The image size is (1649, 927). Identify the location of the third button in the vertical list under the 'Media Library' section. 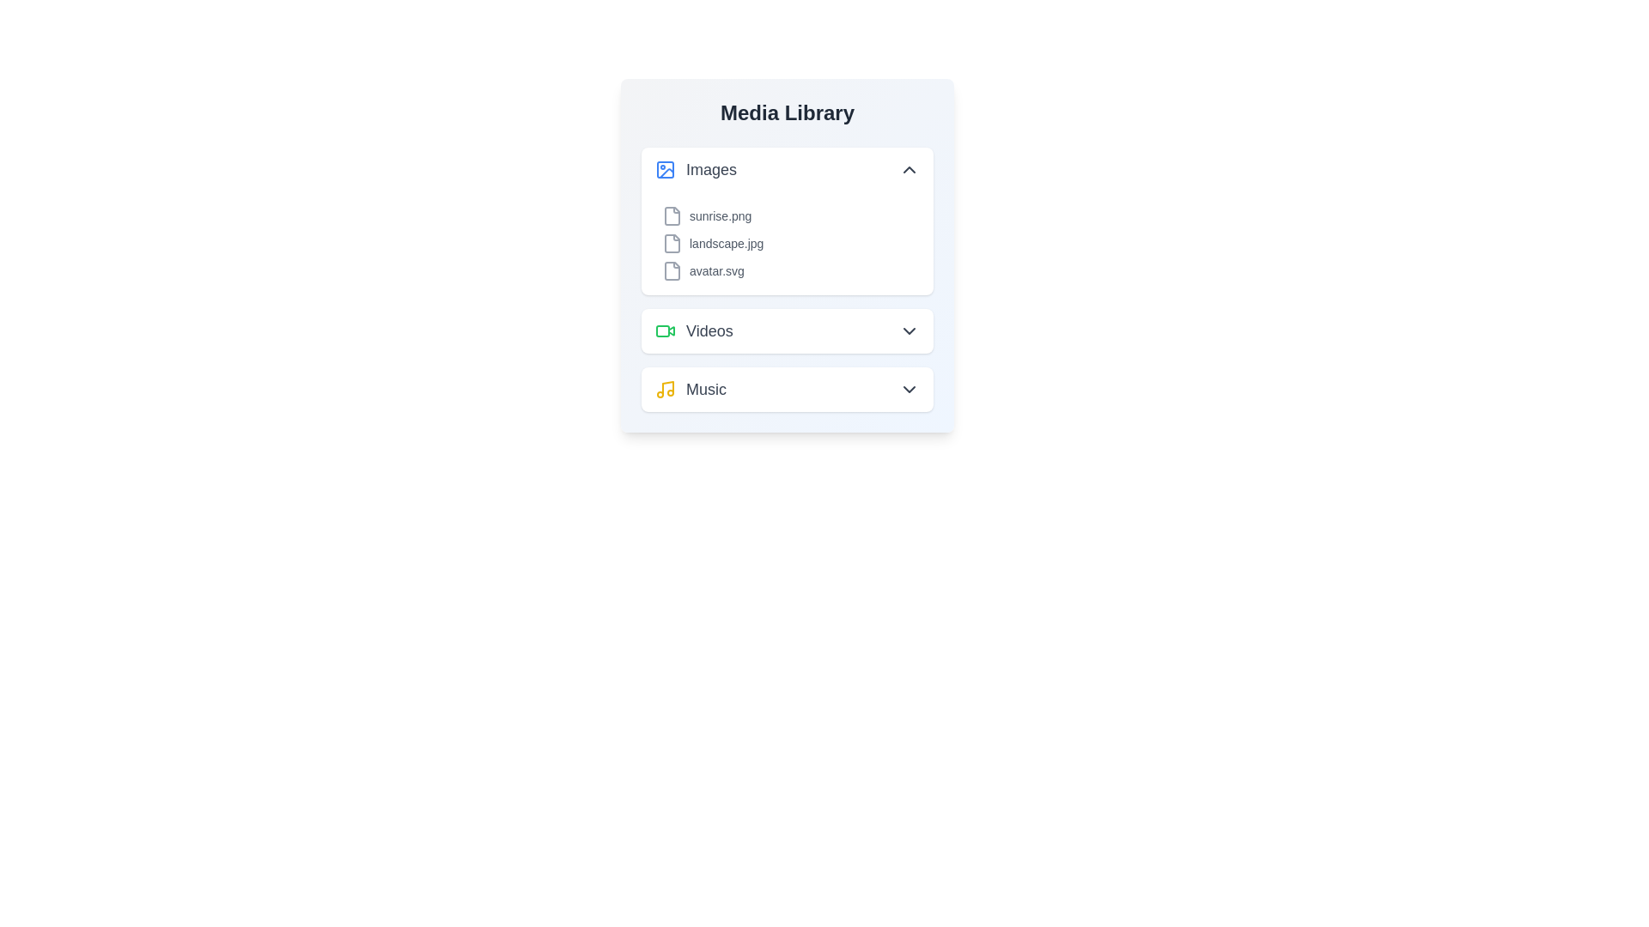
(786, 390).